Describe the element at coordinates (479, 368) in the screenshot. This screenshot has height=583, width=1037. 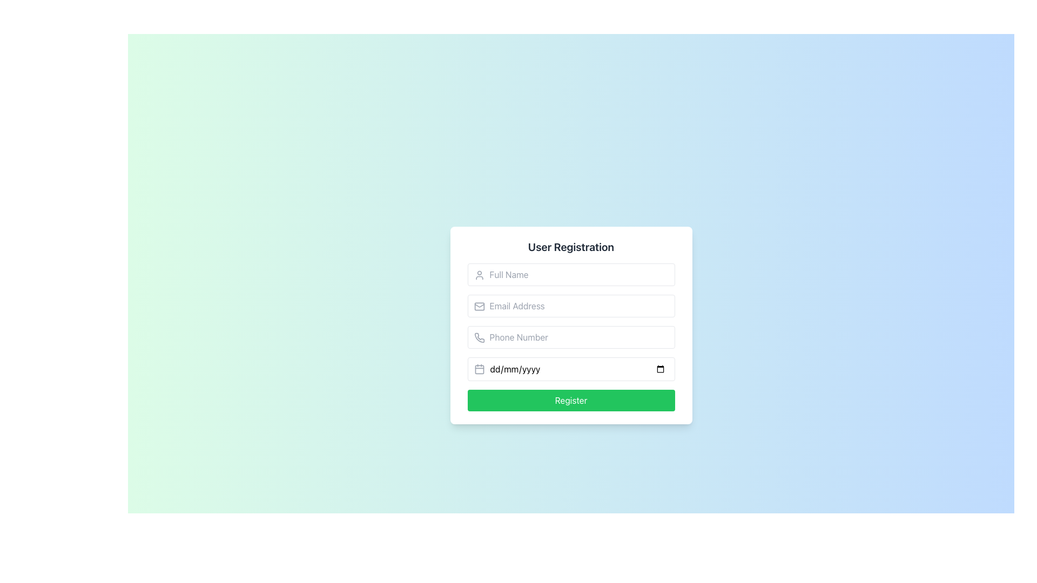
I see `the calendar icon located in the top-left corner of the date input field, which features a minimal design with gray outlines and vertical strokes representing month indicators` at that location.